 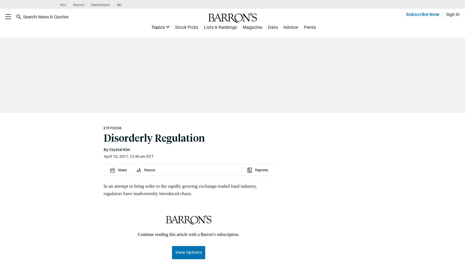 What do you see at coordinates (106, 149) in the screenshot?
I see `'By'` at bounding box center [106, 149].